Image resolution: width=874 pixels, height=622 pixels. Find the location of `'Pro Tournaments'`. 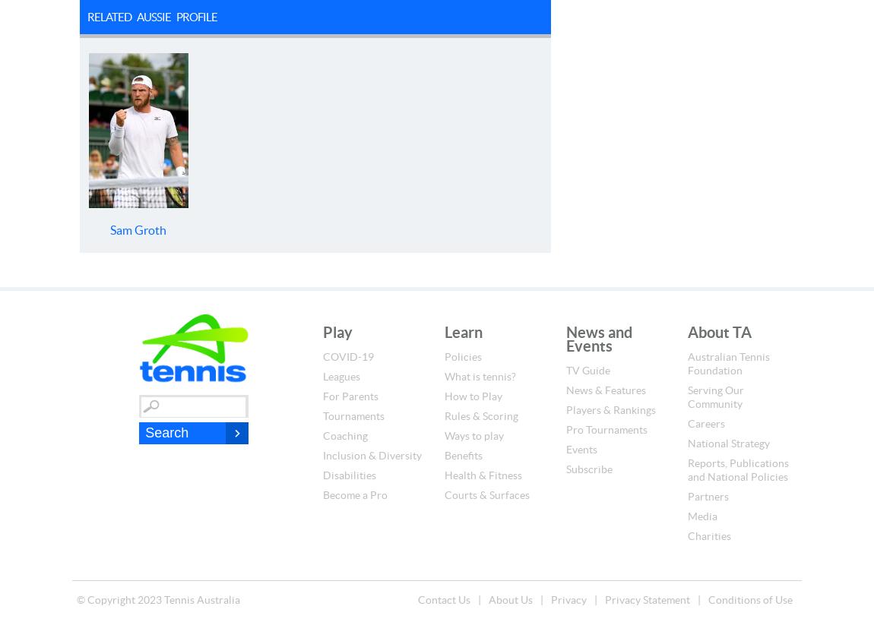

'Pro Tournaments' is located at coordinates (605, 430).